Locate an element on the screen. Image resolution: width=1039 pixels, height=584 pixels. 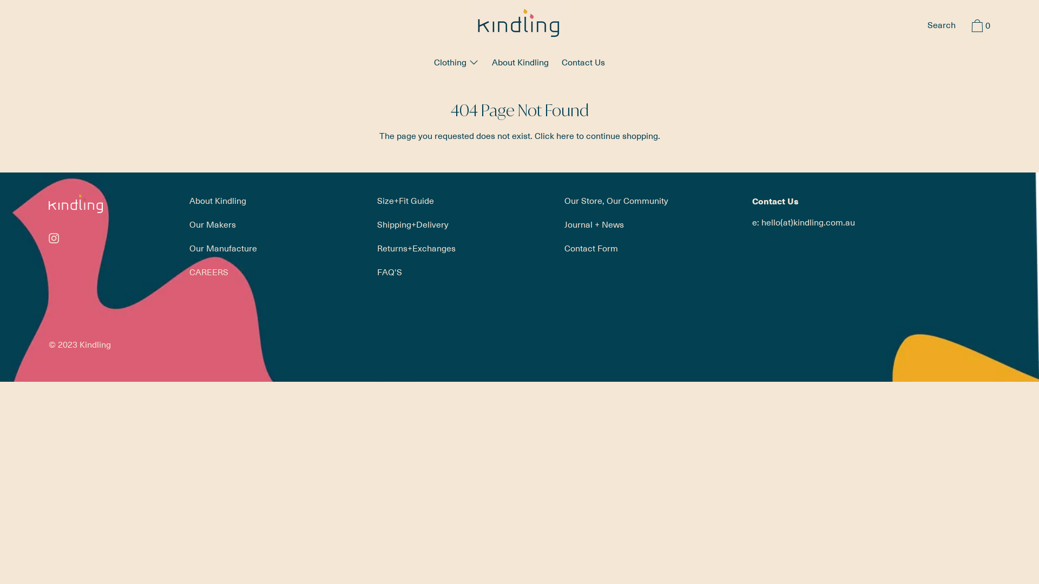
'About Kindling' is located at coordinates (217, 200).